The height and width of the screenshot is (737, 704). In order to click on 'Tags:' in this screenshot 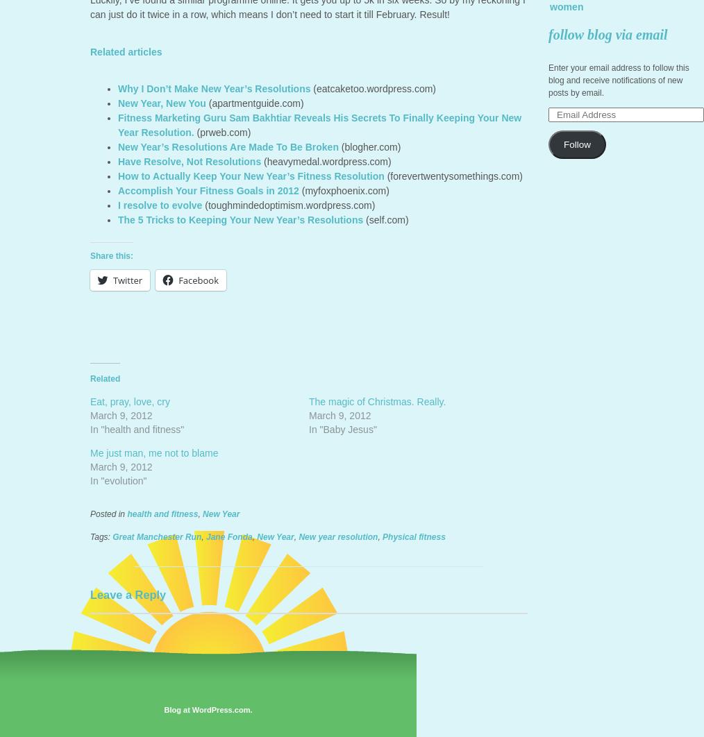, I will do `click(101, 536)`.